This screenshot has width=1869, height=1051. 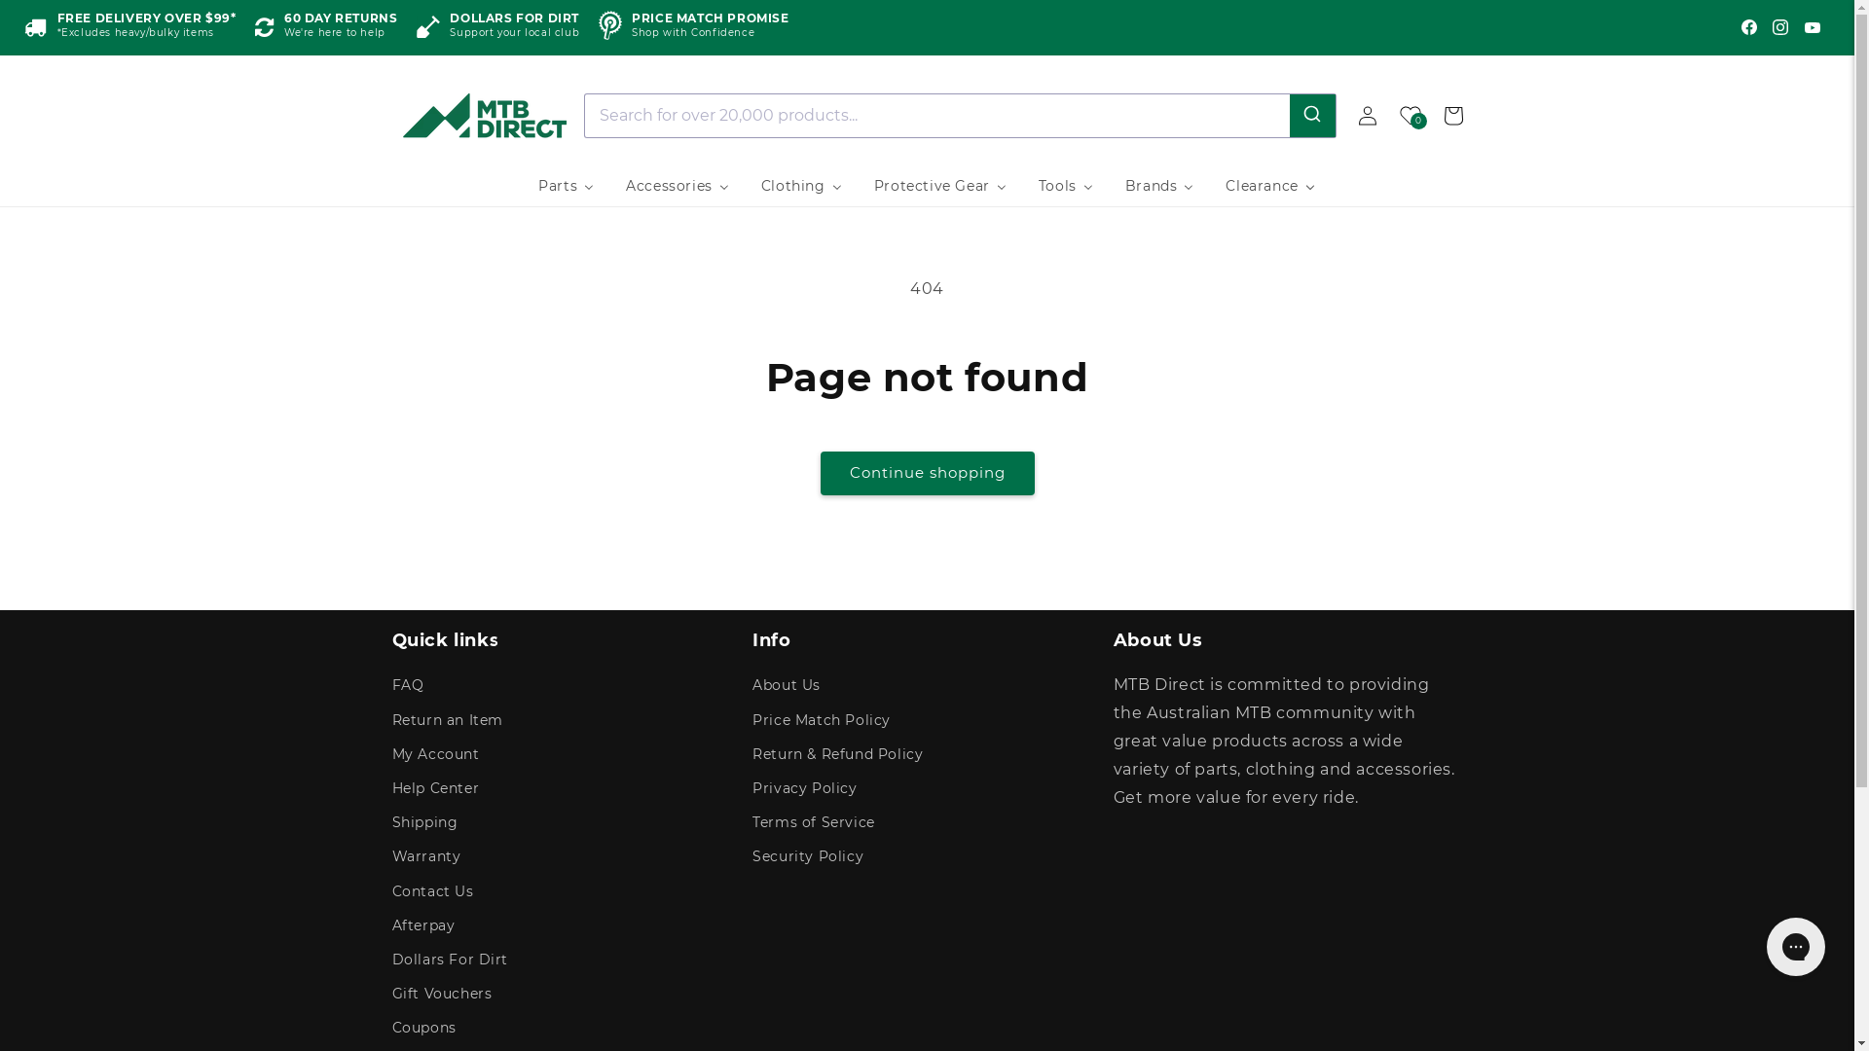 What do you see at coordinates (433, 753) in the screenshot?
I see `'My Account'` at bounding box center [433, 753].